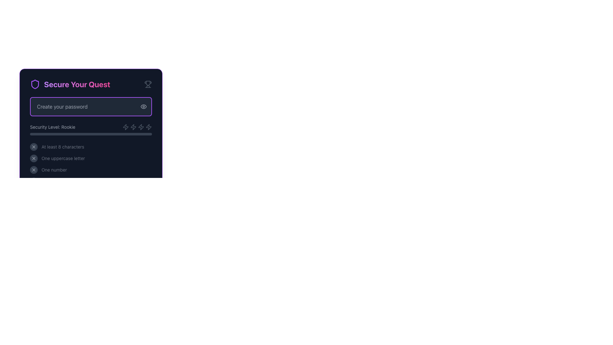 Image resolution: width=613 pixels, height=345 pixels. Describe the element at coordinates (133, 127) in the screenshot. I see `the third icon resembling a stylized lightning bolt, which is gray and located near the 'Security Level' label` at that location.